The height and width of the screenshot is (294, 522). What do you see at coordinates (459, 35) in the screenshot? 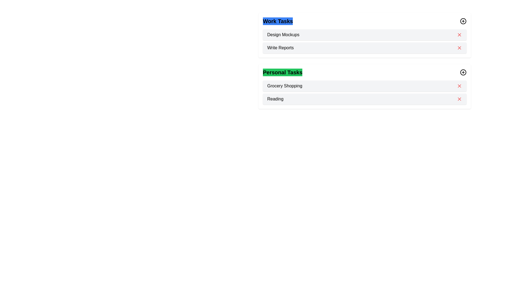
I see `the task Design Mockups from the category Work by clicking the 'X' icon next to the task` at bounding box center [459, 35].